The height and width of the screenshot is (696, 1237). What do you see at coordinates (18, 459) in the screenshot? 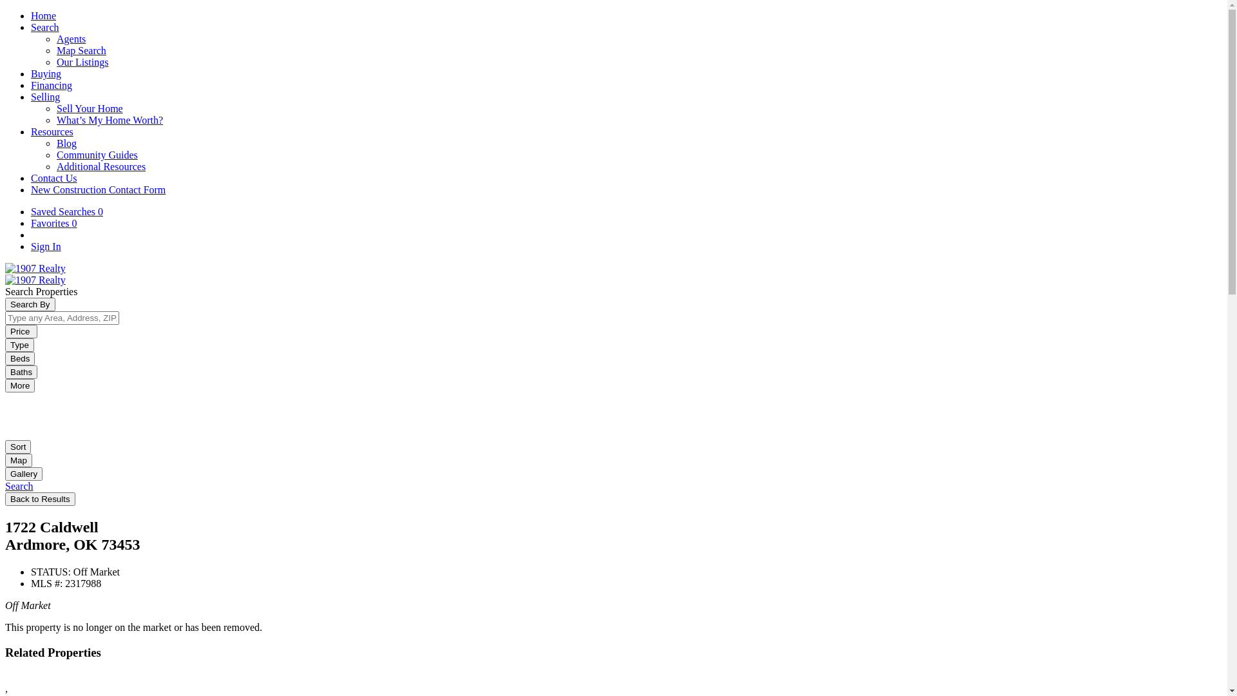
I see `'Map'` at bounding box center [18, 459].